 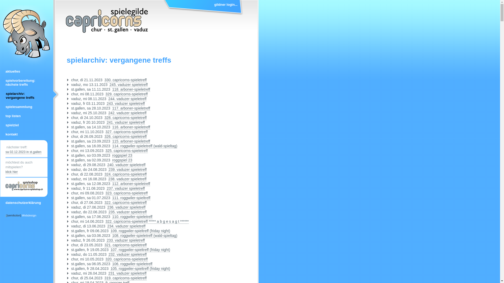 I want to click on '238. vaduzer spieletreff', so click(x=108, y=179).